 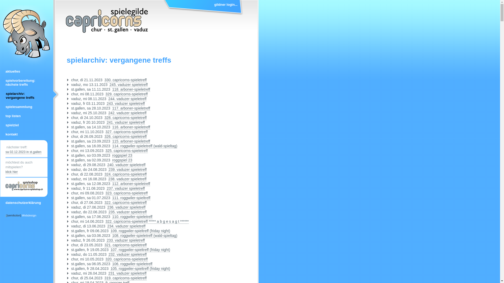 I want to click on '238. vaduzer spieletreff', so click(x=108, y=179).